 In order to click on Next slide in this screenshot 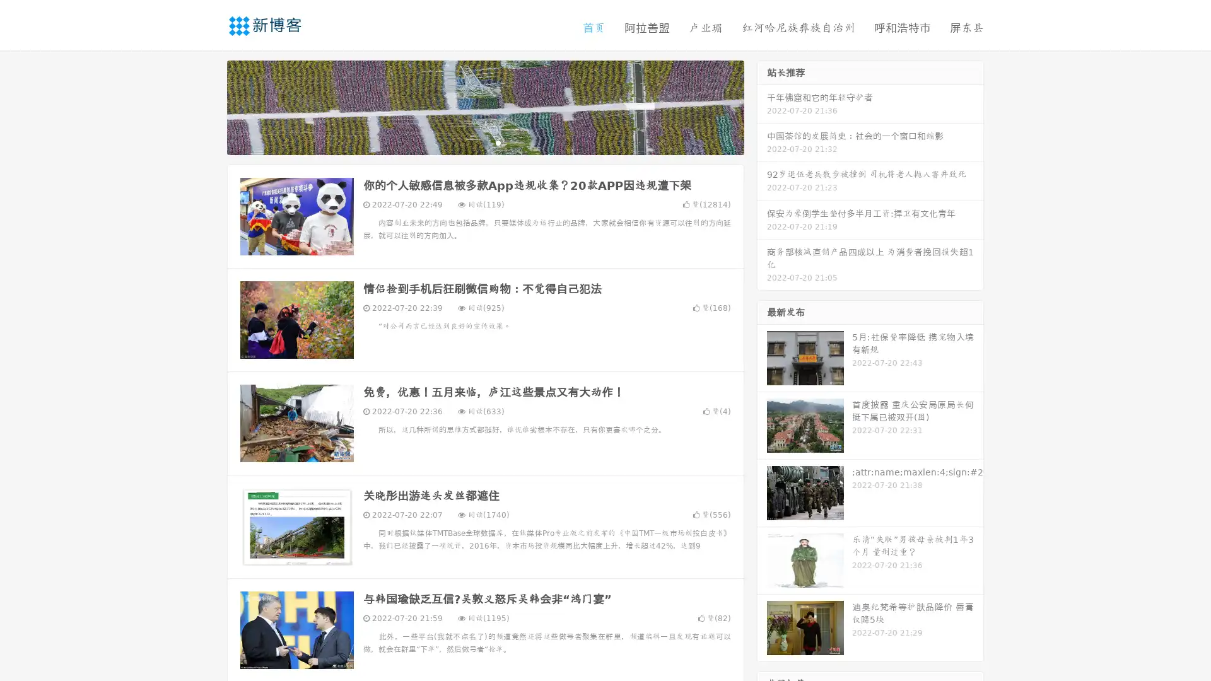, I will do `click(762, 106)`.